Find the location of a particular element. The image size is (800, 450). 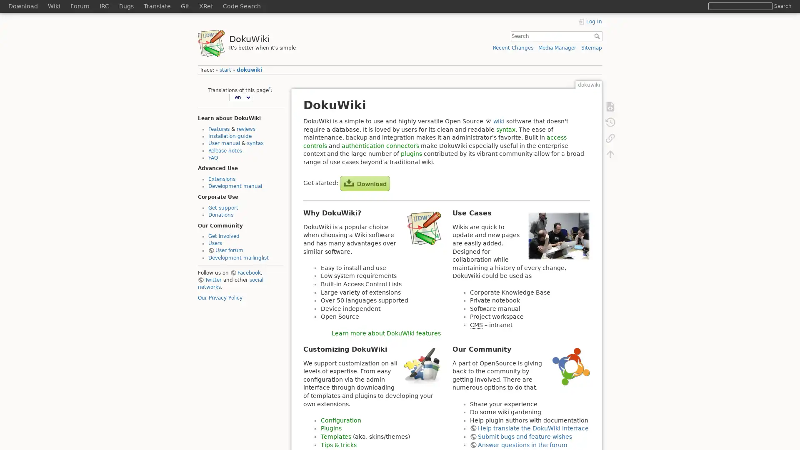

Search is located at coordinates (597, 36).